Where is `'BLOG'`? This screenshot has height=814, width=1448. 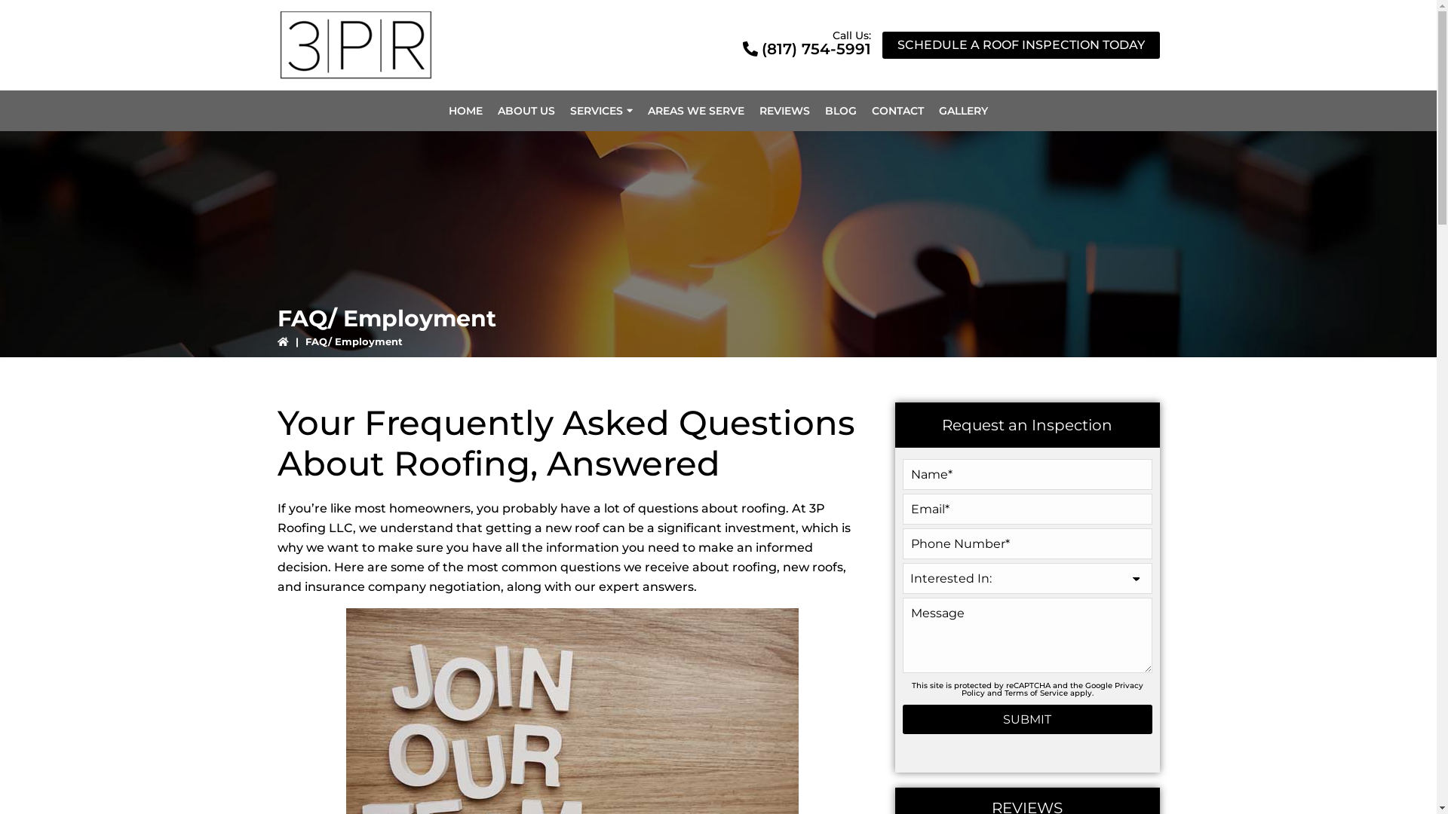
'BLOG' is located at coordinates (839, 109).